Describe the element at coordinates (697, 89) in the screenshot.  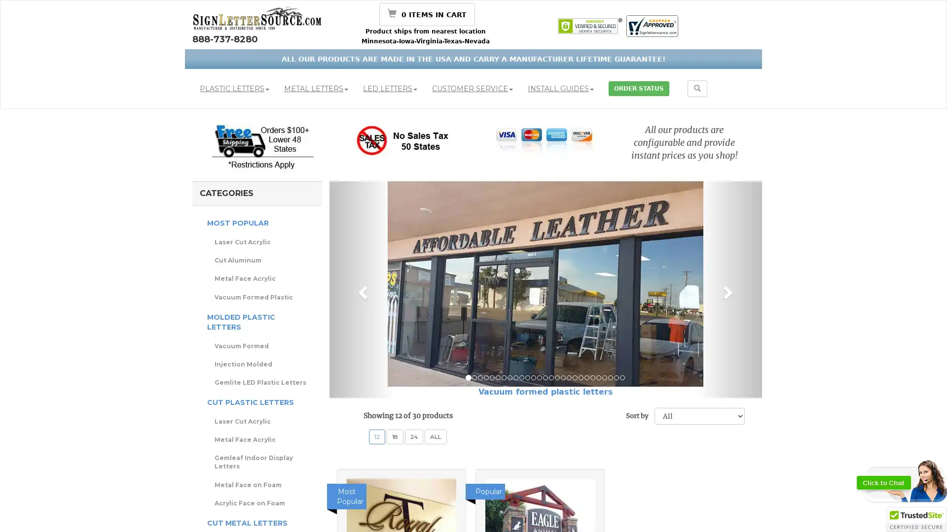
I see `TOGGLE SEARCH` at that location.